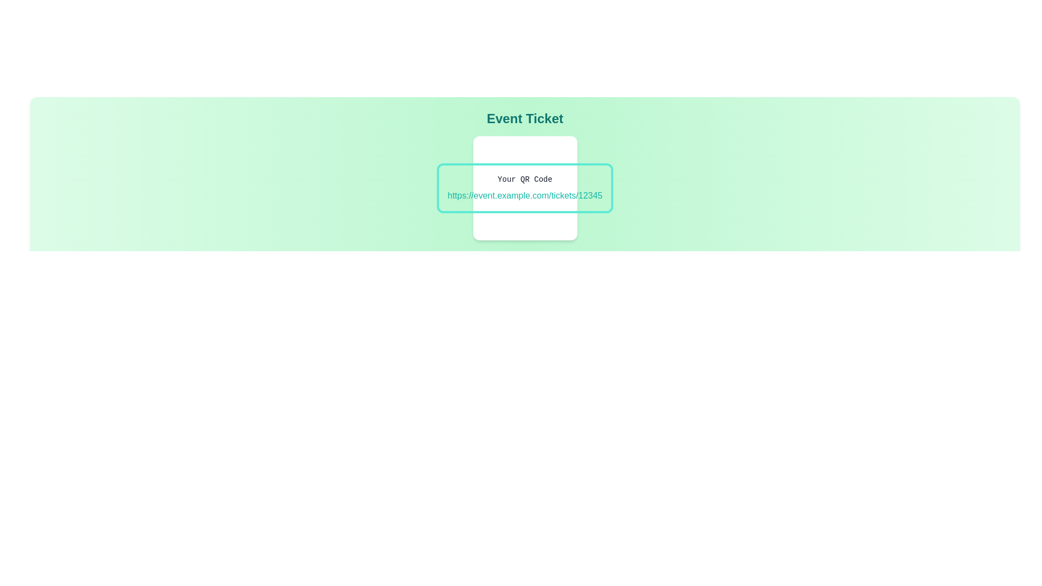 The image size is (1042, 586). Describe the element at coordinates (525, 179) in the screenshot. I see `the text label that describes or titles the QR code section, positioned above the URL text` at that location.